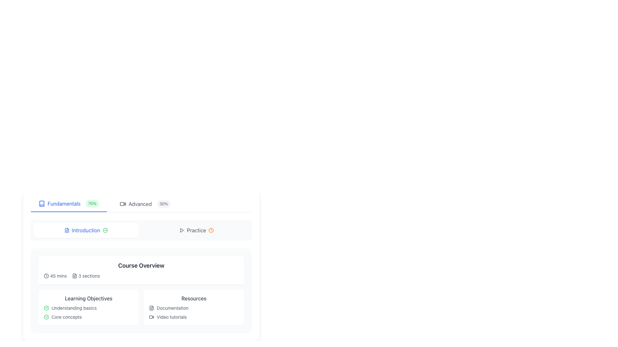 This screenshot has height=347, width=618. What do you see at coordinates (151, 308) in the screenshot?
I see `the 'Documentation' icon in the 'Resources' section, located in the lower-right part of the interface, to the left of the text 'Documentation'` at bounding box center [151, 308].